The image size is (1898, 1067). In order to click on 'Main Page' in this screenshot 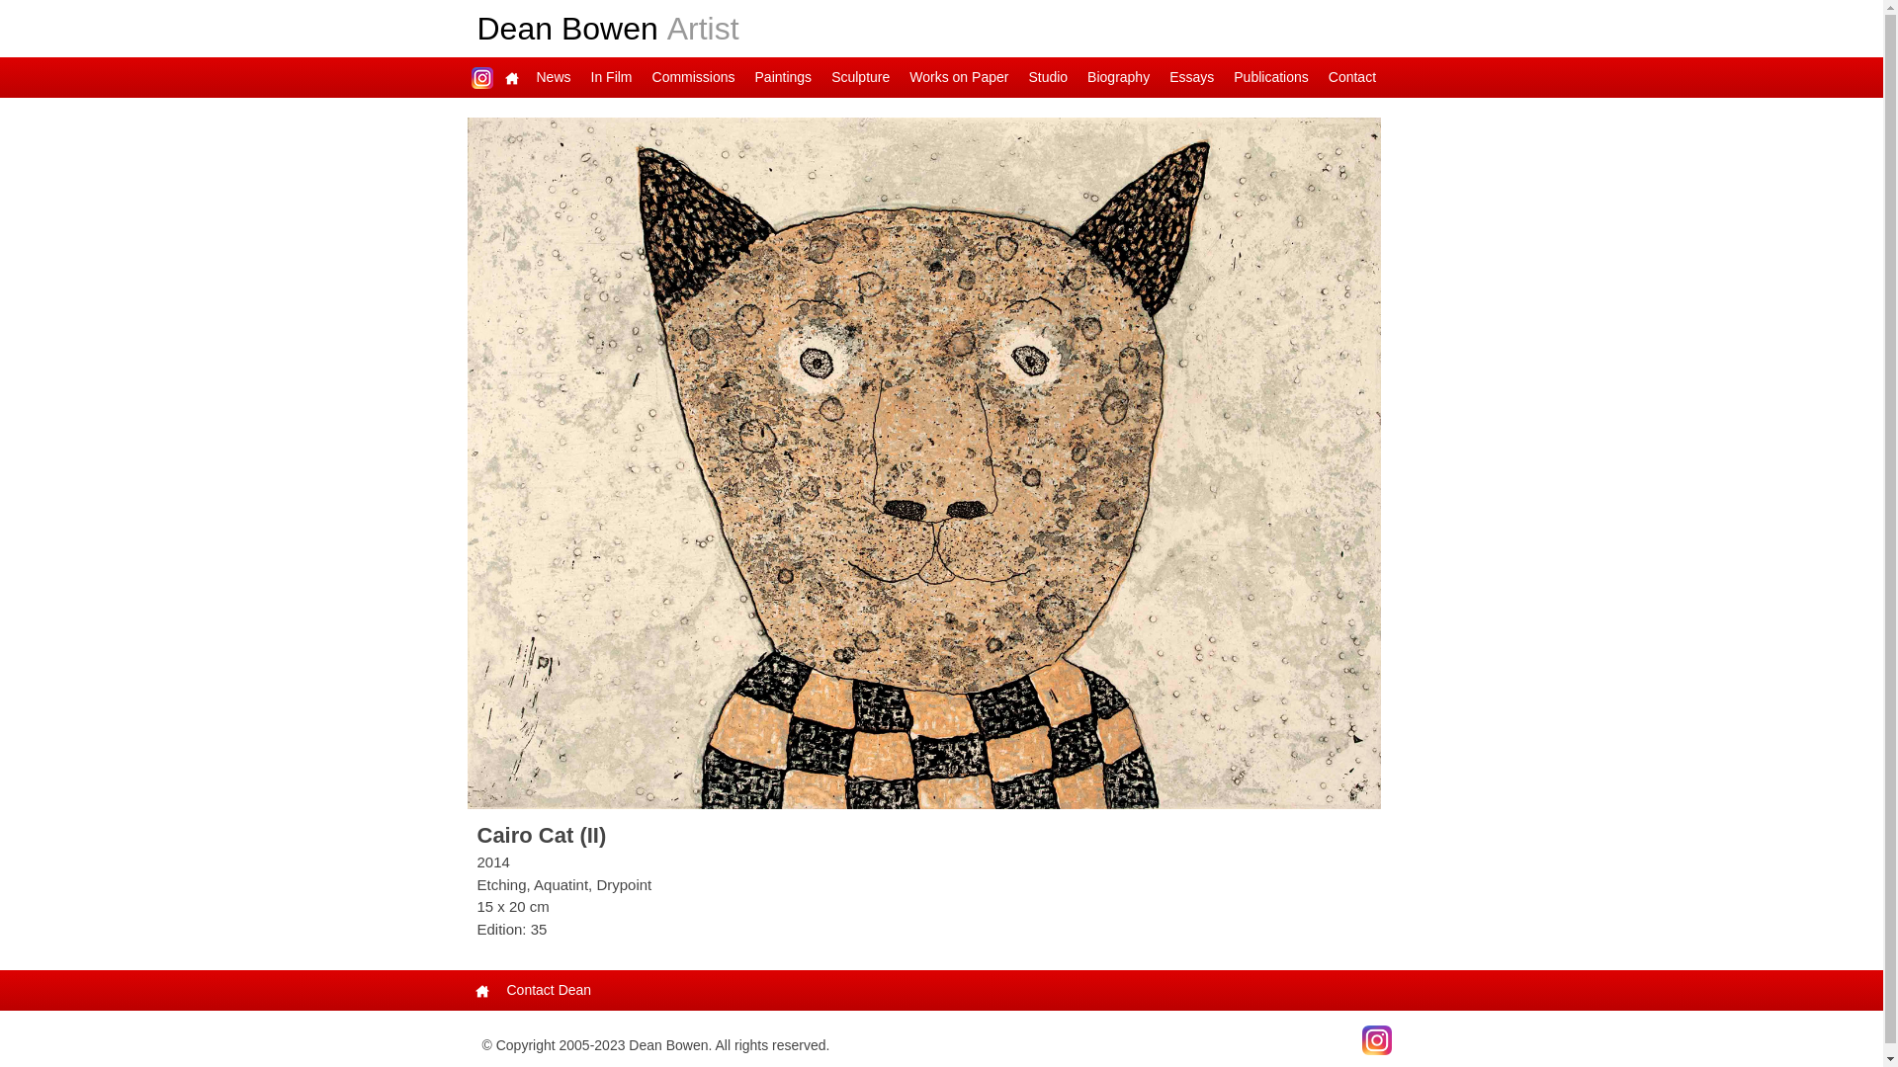, I will do `click(511, 76)`.